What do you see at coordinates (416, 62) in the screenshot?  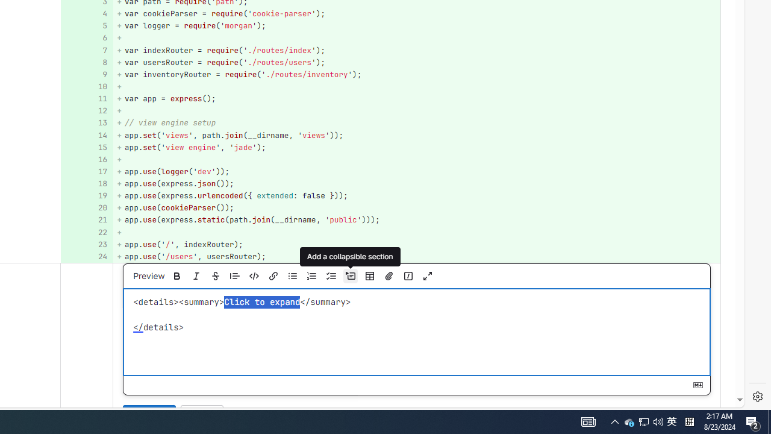 I see `'+ var usersRouter = require('` at bounding box center [416, 62].